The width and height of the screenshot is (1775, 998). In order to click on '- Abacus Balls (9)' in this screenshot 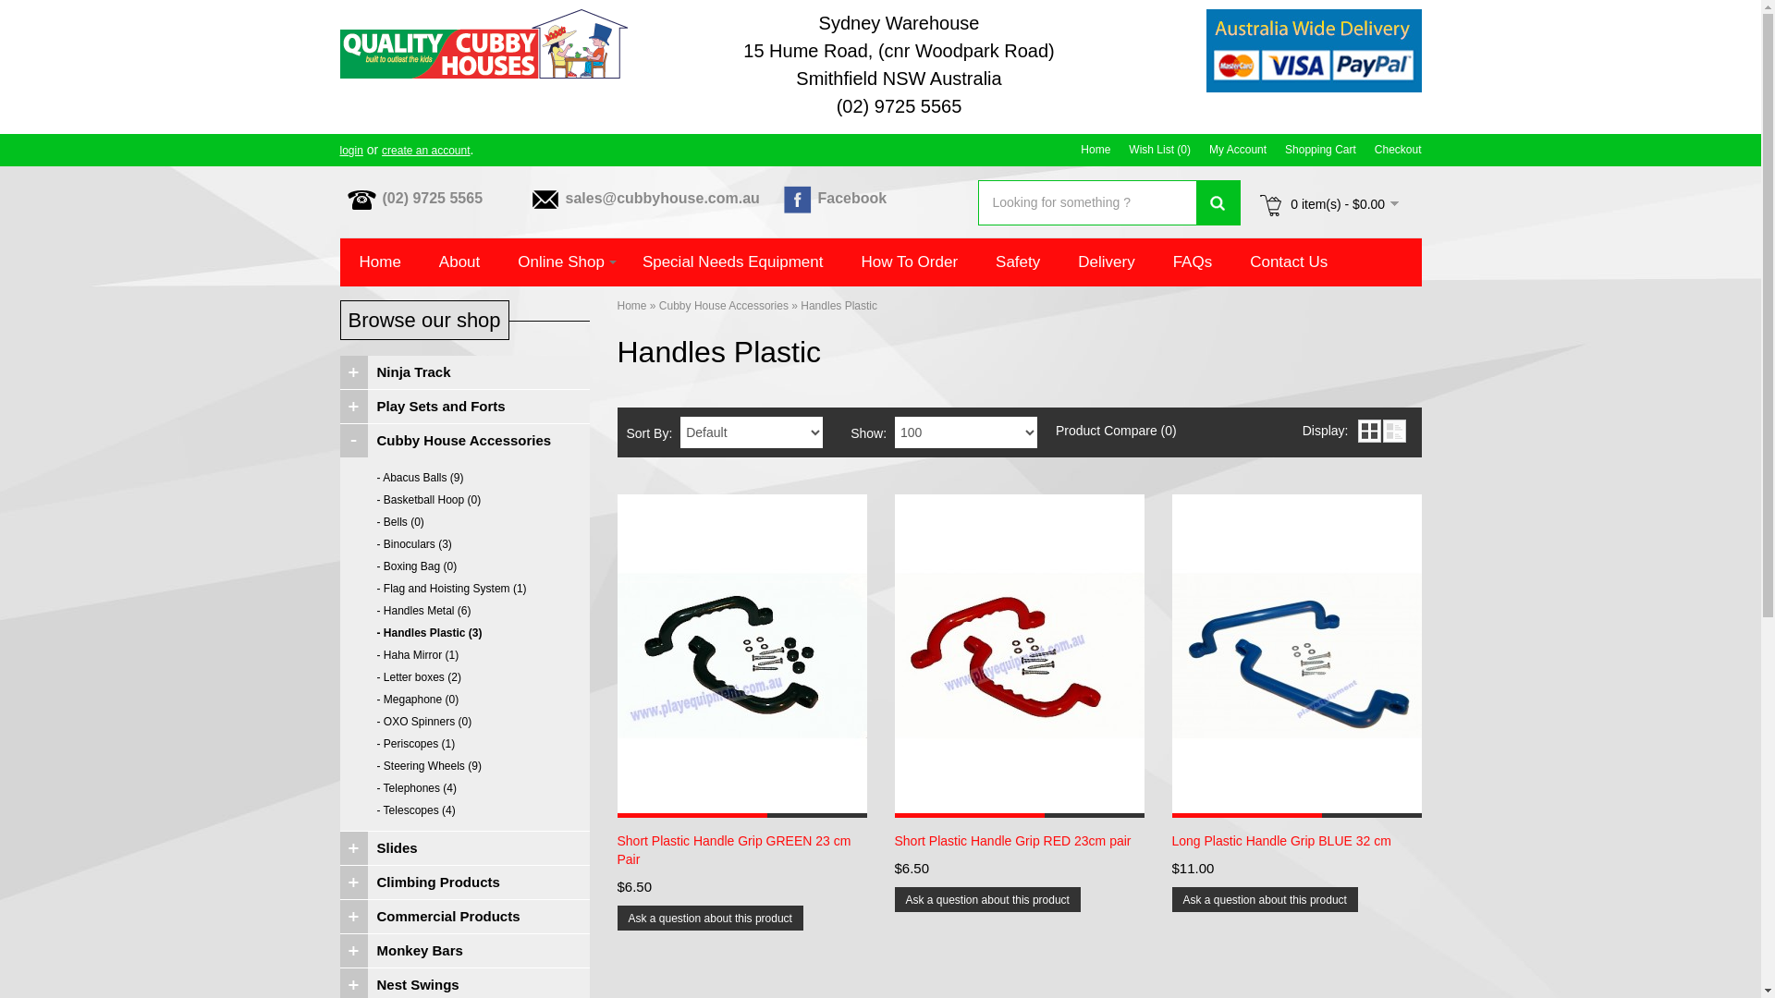, I will do `click(340, 476)`.